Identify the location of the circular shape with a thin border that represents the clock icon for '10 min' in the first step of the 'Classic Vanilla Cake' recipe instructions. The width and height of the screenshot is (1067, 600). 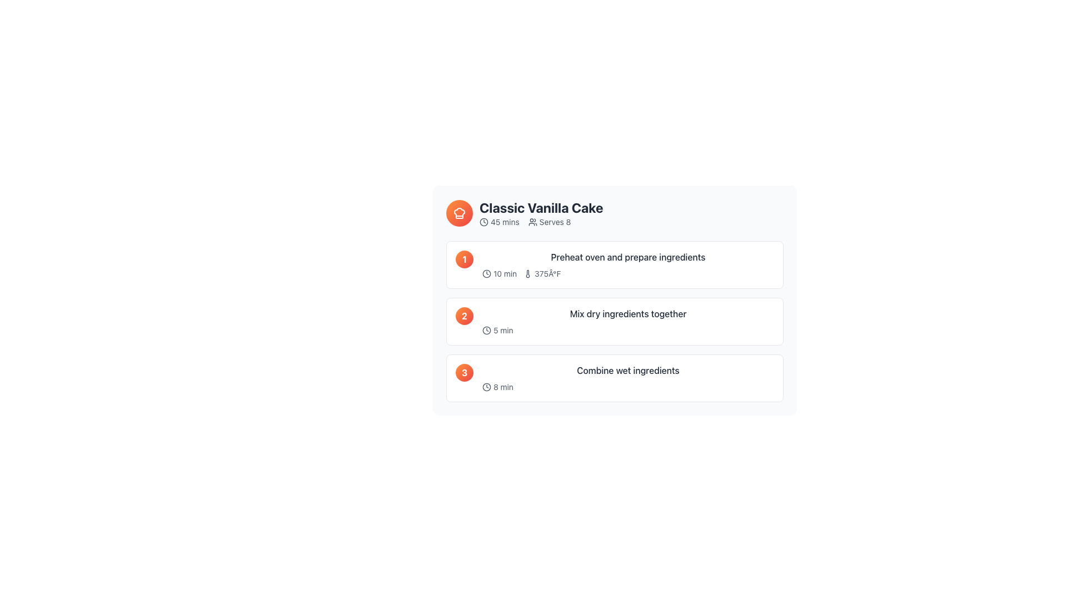
(486, 274).